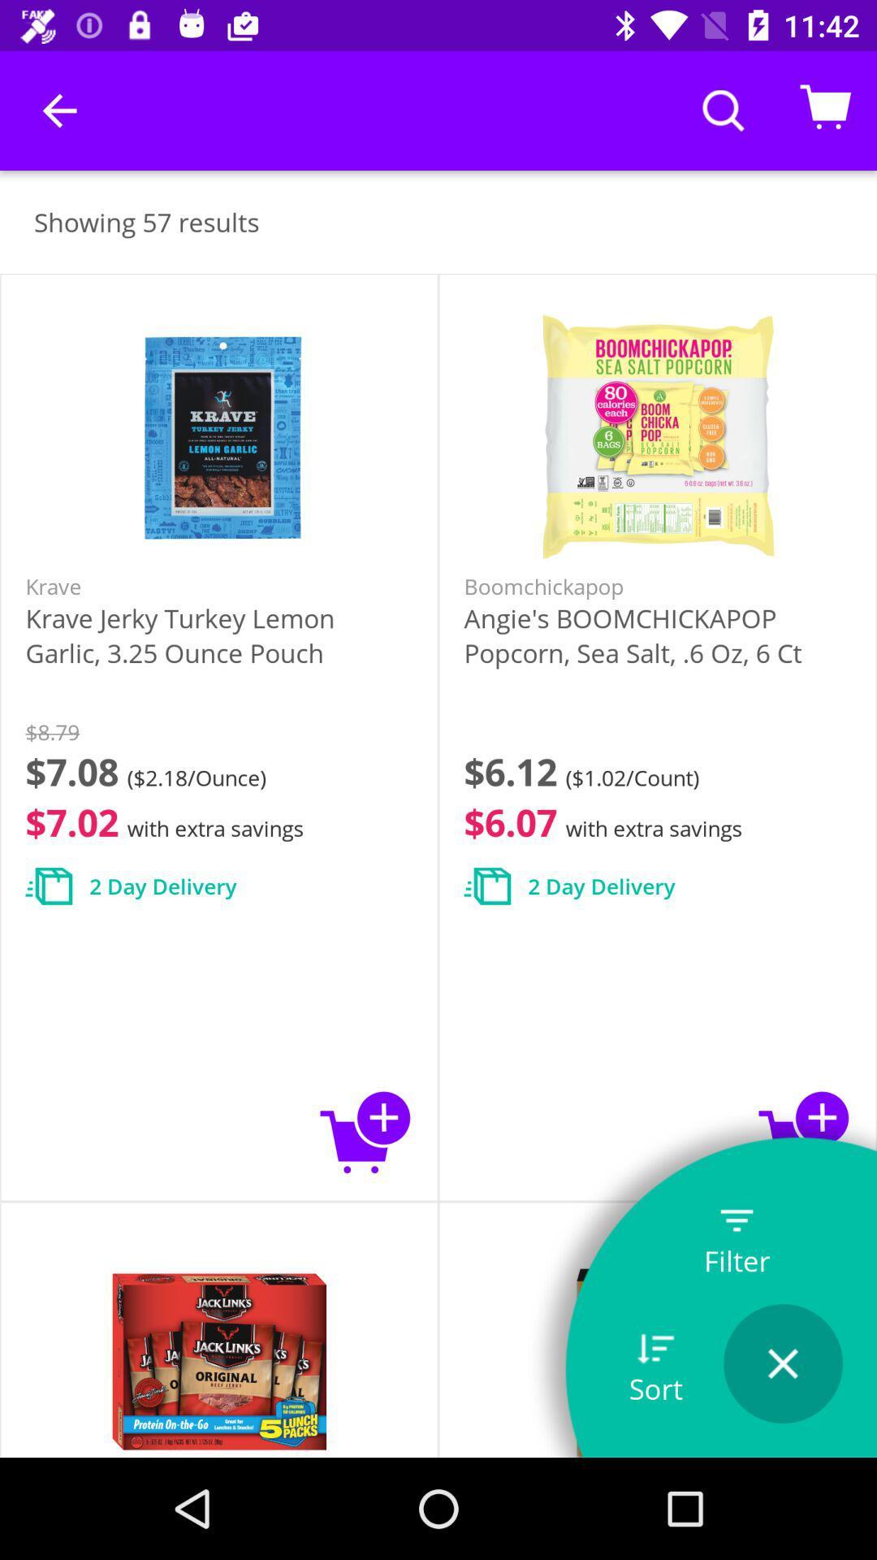 The image size is (877, 1560). What do you see at coordinates (805, 1131) in the screenshot?
I see `to cart` at bounding box center [805, 1131].